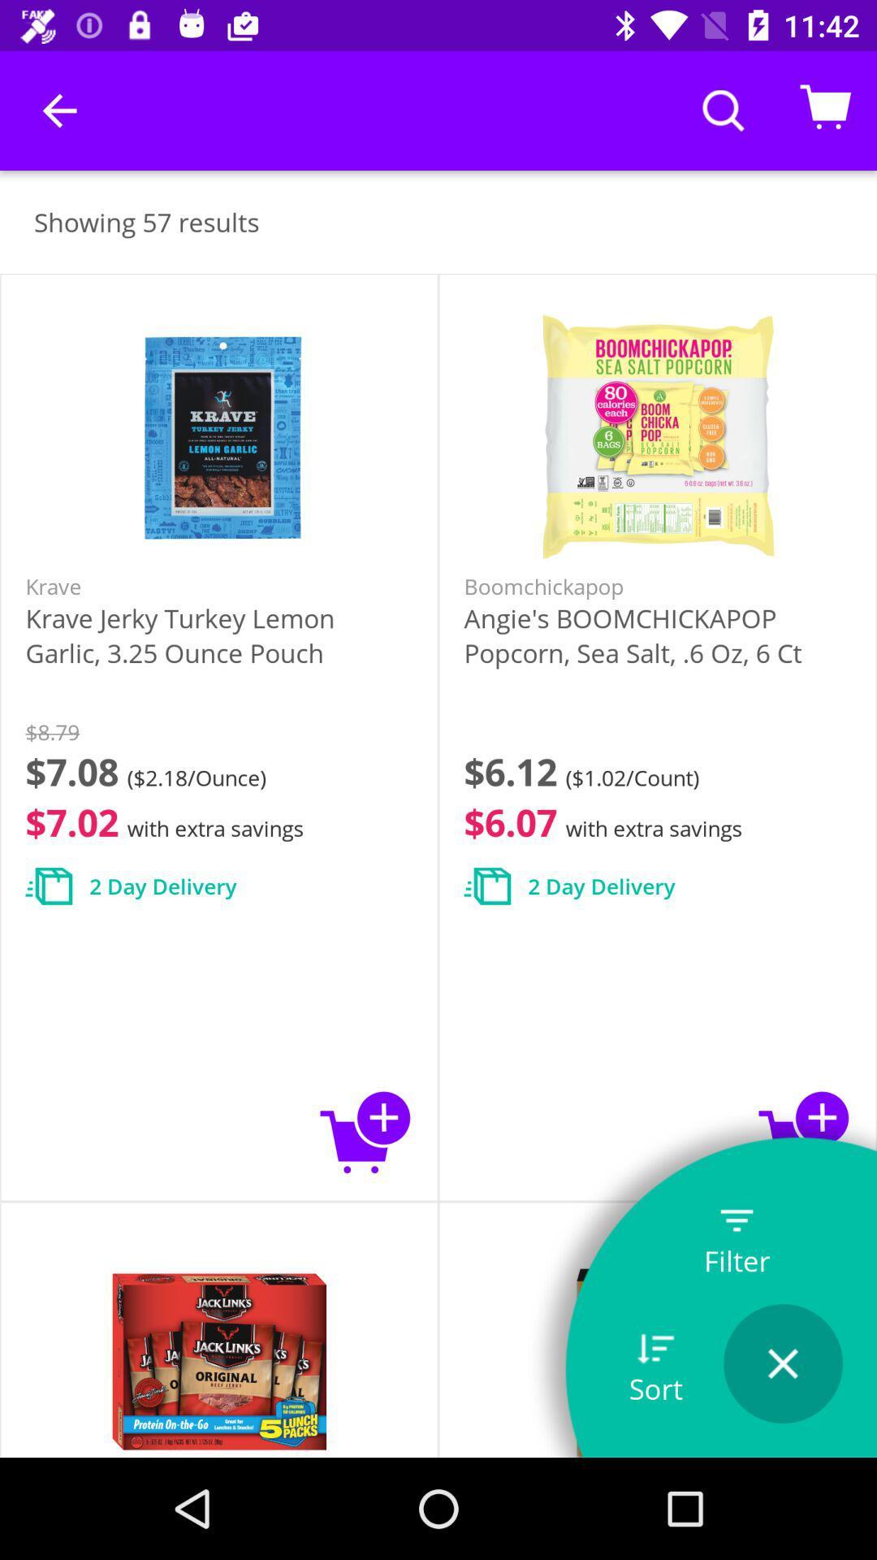 The image size is (877, 1560). What do you see at coordinates (805, 1131) in the screenshot?
I see `to cart` at bounding box center [805, 1131].